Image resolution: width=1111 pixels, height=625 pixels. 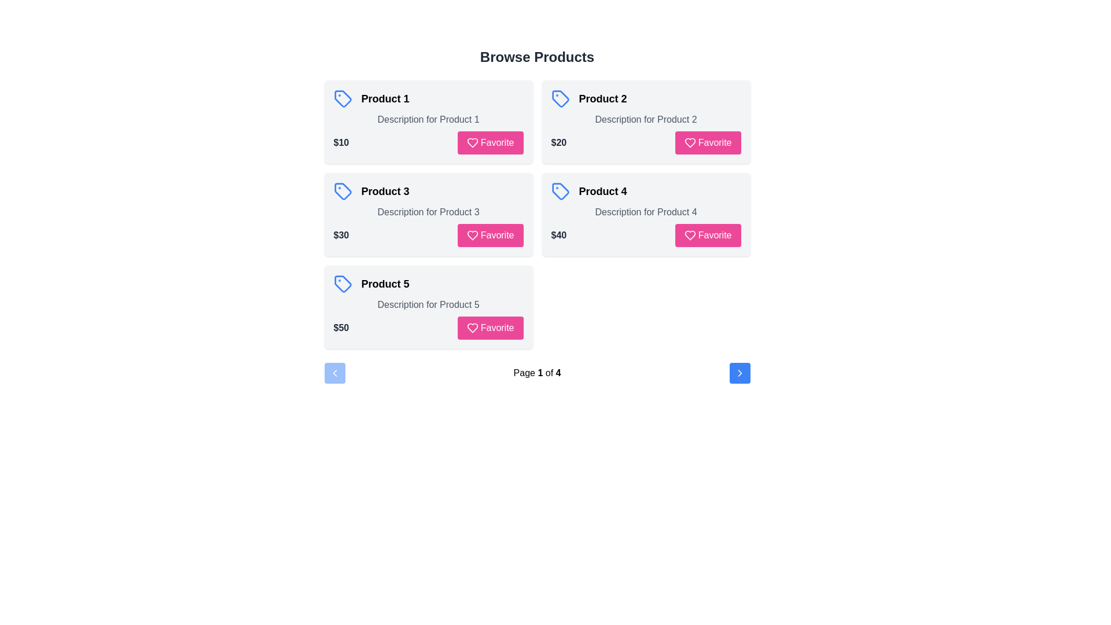 What do you see at coordinates (557, 373) in the screenshot?
I see `the text element indicating the total number of pages available for navigation, located on the right side of the sibling text 'Page 1 of 4'` at bounding box center [557, 373].